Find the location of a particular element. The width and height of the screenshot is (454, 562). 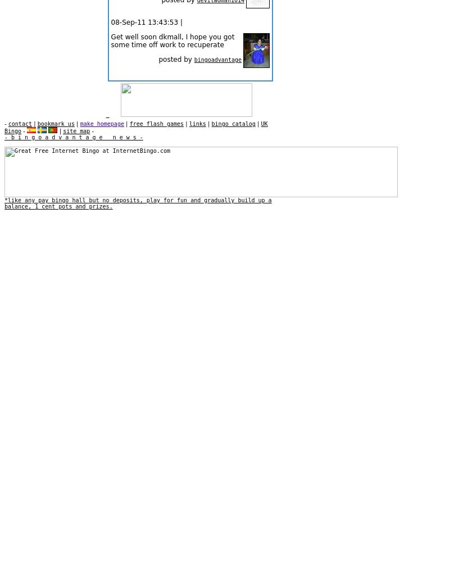

'*like any pay bingo hall but no deposits, play for fun and gradually build up a balance, 1 cent pots and prizes.' is located at coordinates (4, 203).